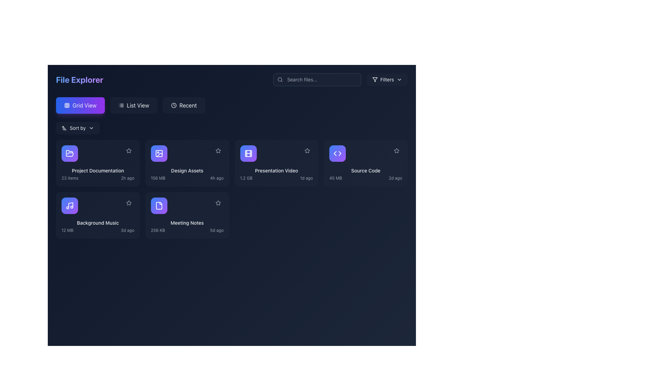 The width and height of the screenshot is (660, 371). What do you see at coordinates (307, 150) in the screenshot?
I see `the star icon button located in the top-right corner of the 'Presentation Video' card` at bounding box center [307, 150].